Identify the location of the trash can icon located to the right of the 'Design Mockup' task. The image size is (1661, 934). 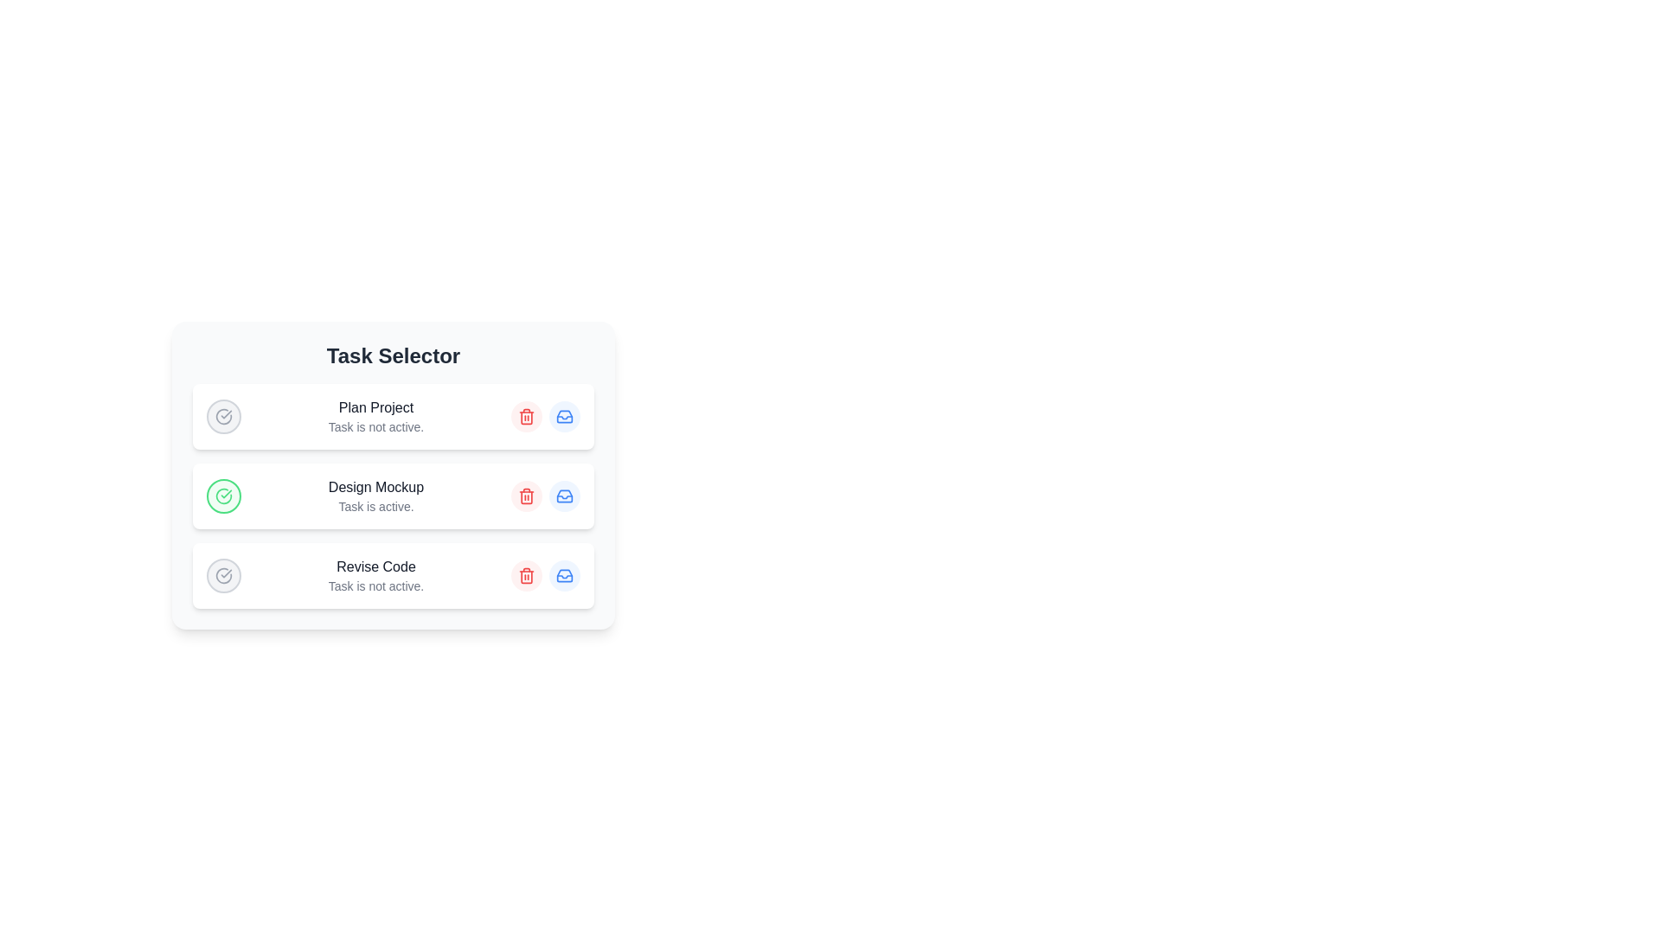
(526, 496).